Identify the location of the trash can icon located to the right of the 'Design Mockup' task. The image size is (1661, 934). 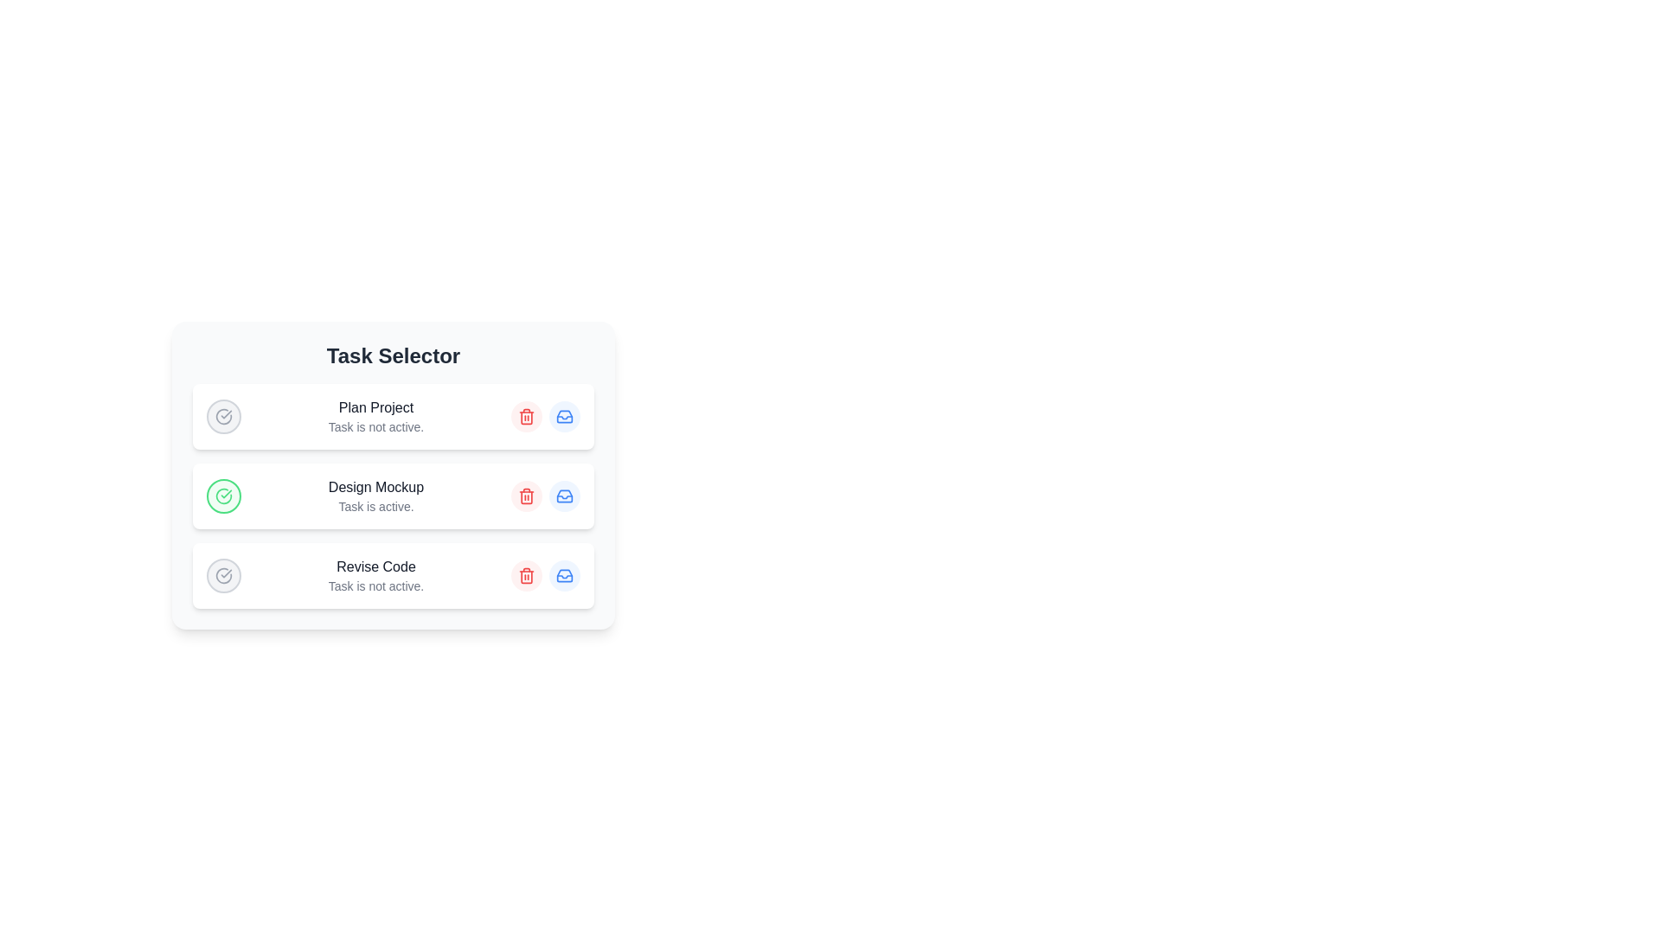
(526, 496).